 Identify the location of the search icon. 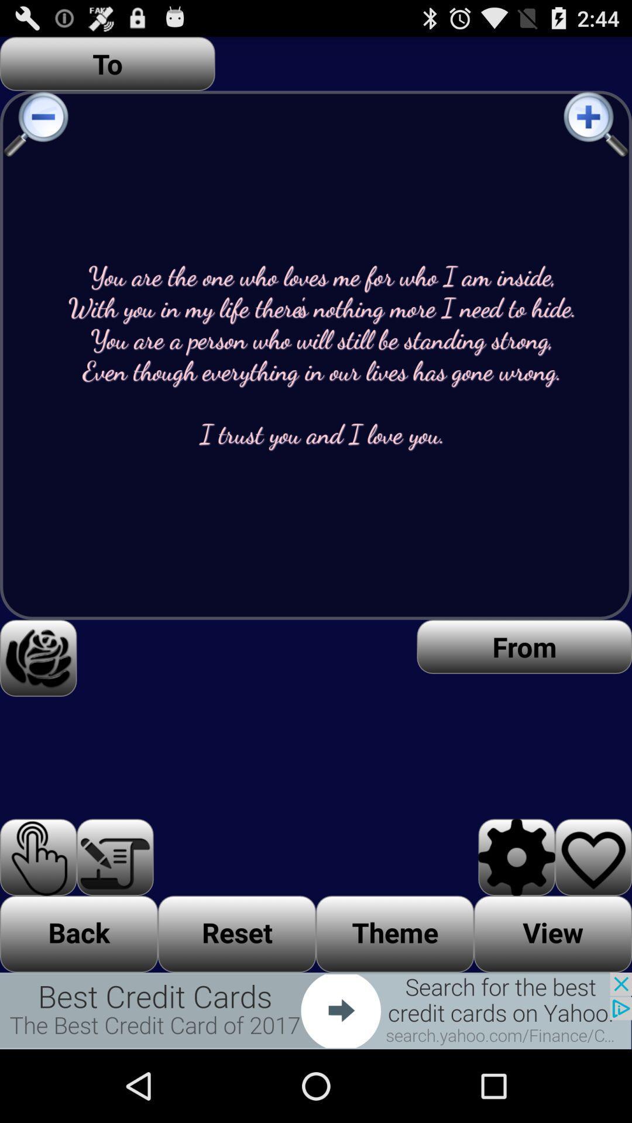
(597, 134).